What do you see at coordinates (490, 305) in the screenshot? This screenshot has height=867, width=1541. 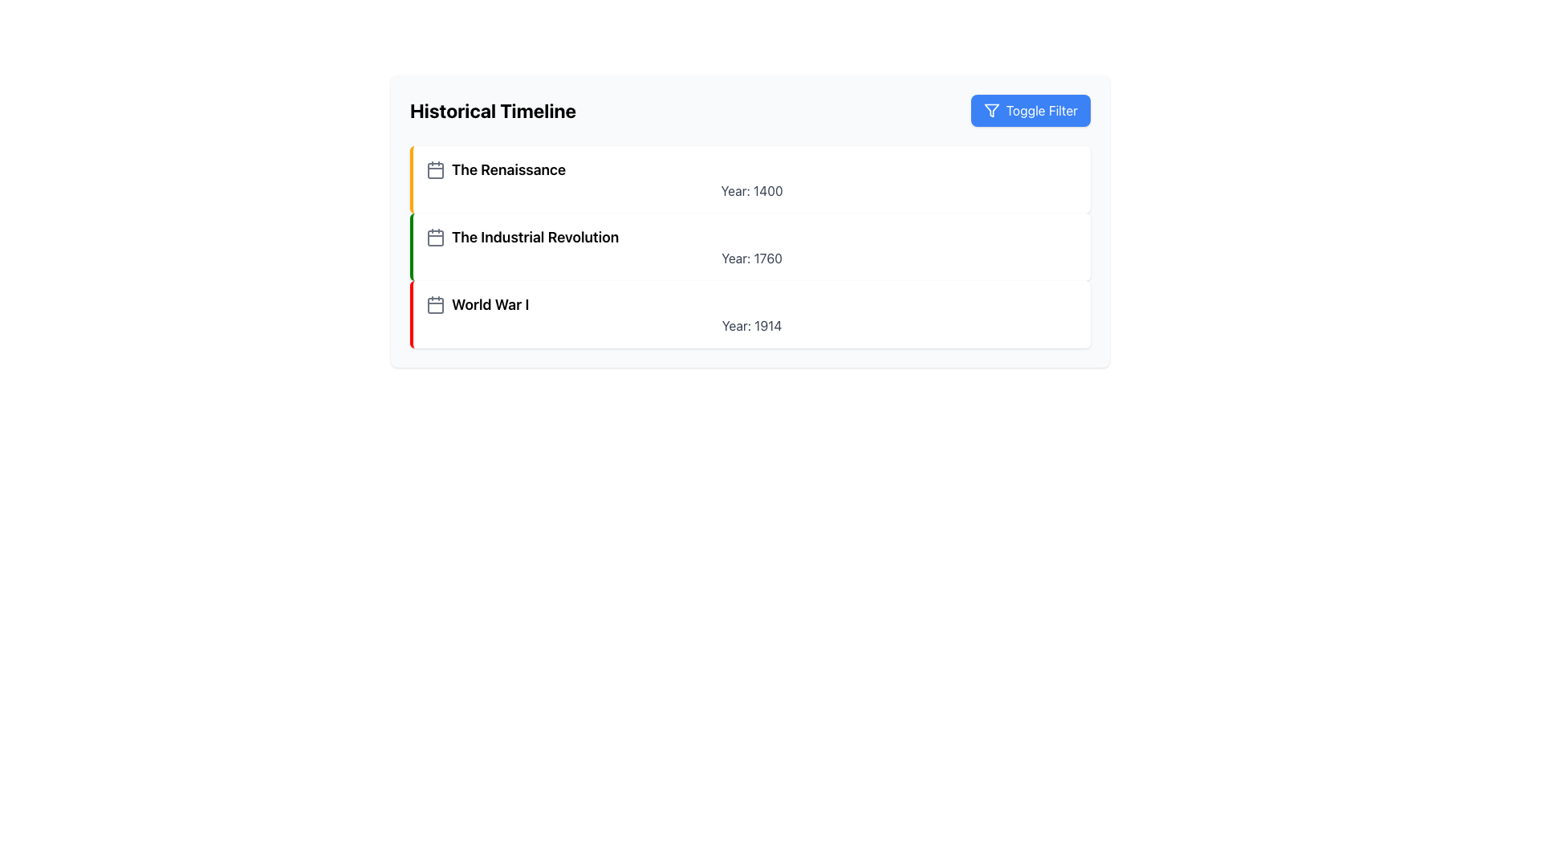 I see `the Text label that serves as the title of the event in the timeline widget, which is bordered by a red line and adjacent to the year label 'Year: 1914'` at bounding box center [490, 305].